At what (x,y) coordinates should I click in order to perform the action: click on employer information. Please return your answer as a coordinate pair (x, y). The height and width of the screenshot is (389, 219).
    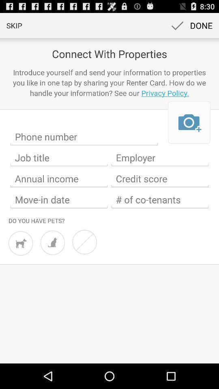
    Looking at the image, I should click on (160, 157).